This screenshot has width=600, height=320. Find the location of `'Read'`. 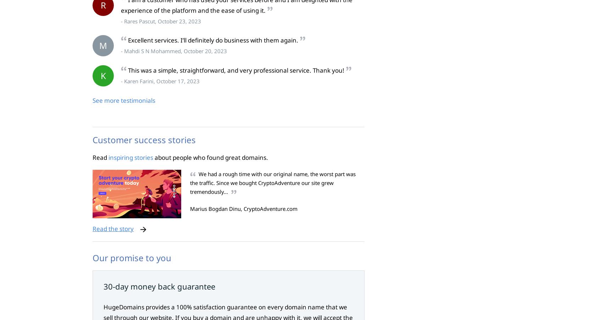

'Read' is located at coordinates (100, 157).